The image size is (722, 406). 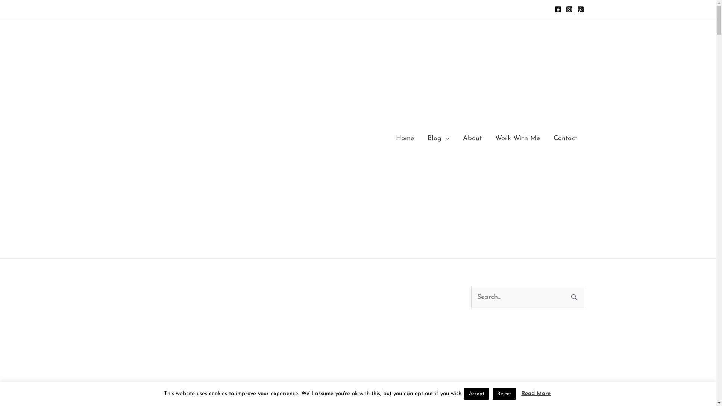 I want to click on 'Read More', so click(x=535, y=393).